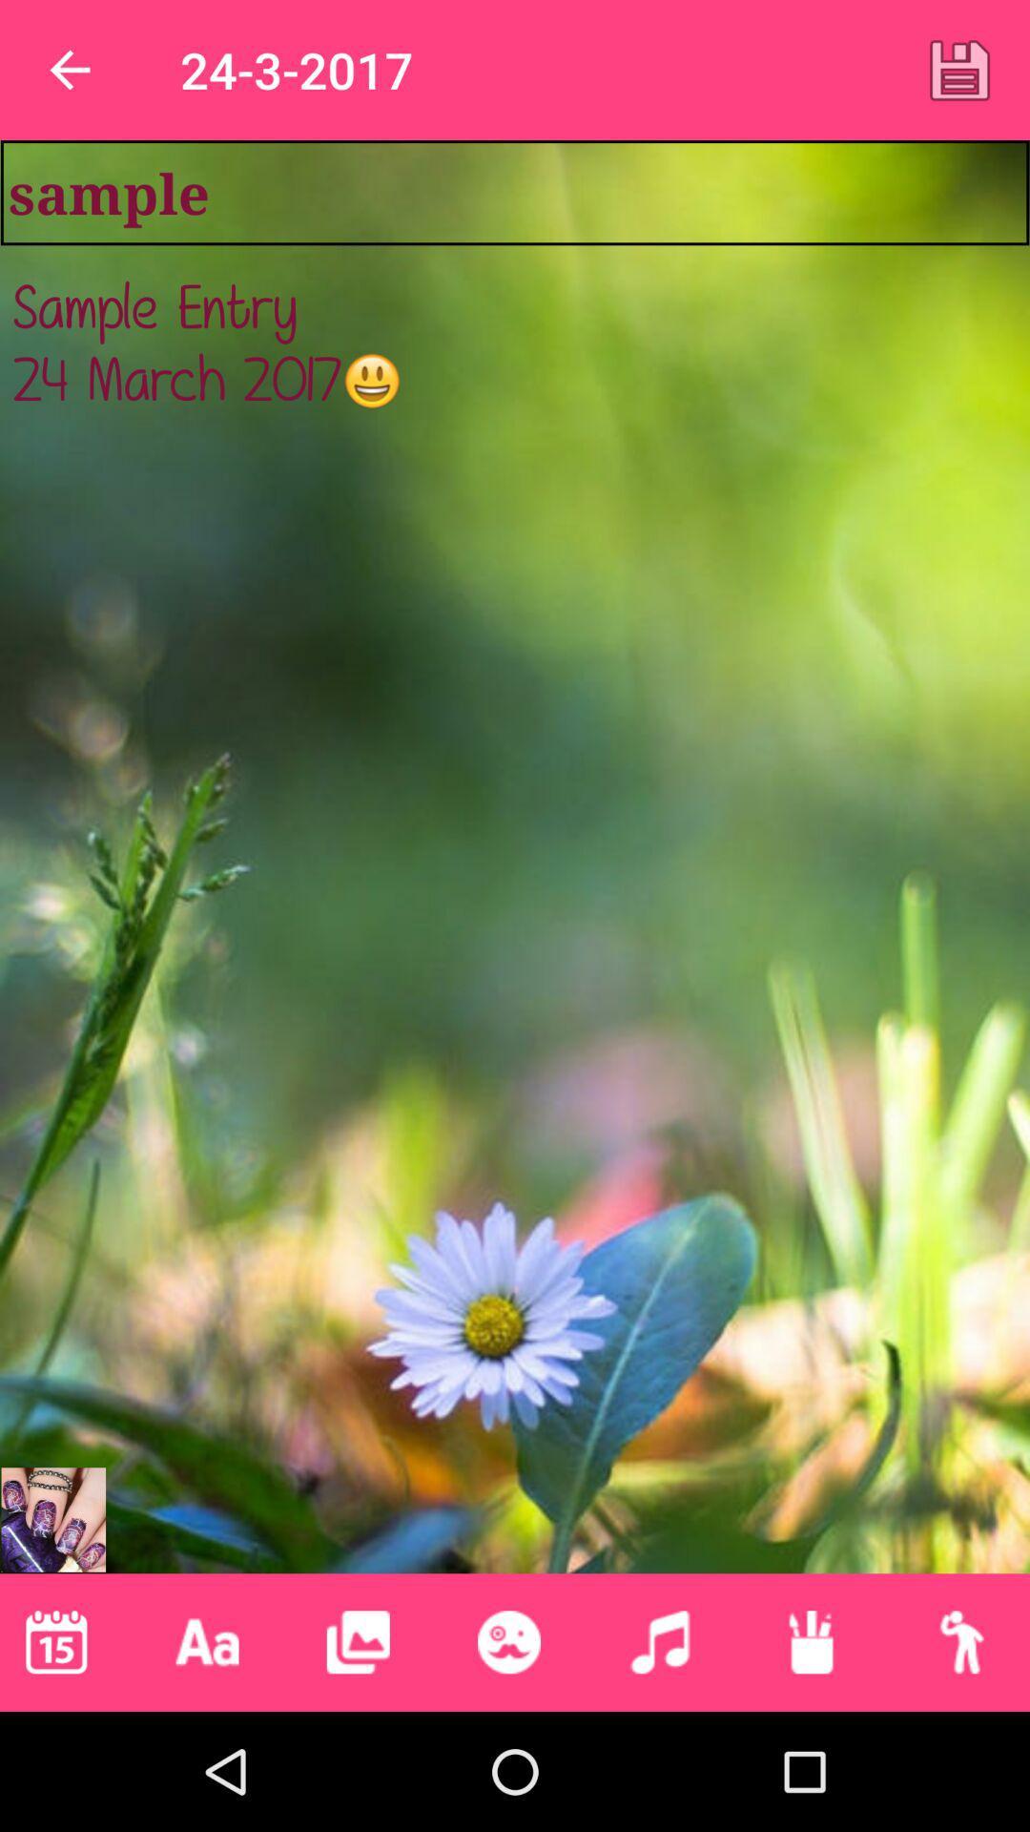 Image resolution: width=1030 pixels, height=1832 pixels. What do you see at coordinates (207, 1641) in the screenshot?
I see `lettering capital` at bounding box center [207, 1641].